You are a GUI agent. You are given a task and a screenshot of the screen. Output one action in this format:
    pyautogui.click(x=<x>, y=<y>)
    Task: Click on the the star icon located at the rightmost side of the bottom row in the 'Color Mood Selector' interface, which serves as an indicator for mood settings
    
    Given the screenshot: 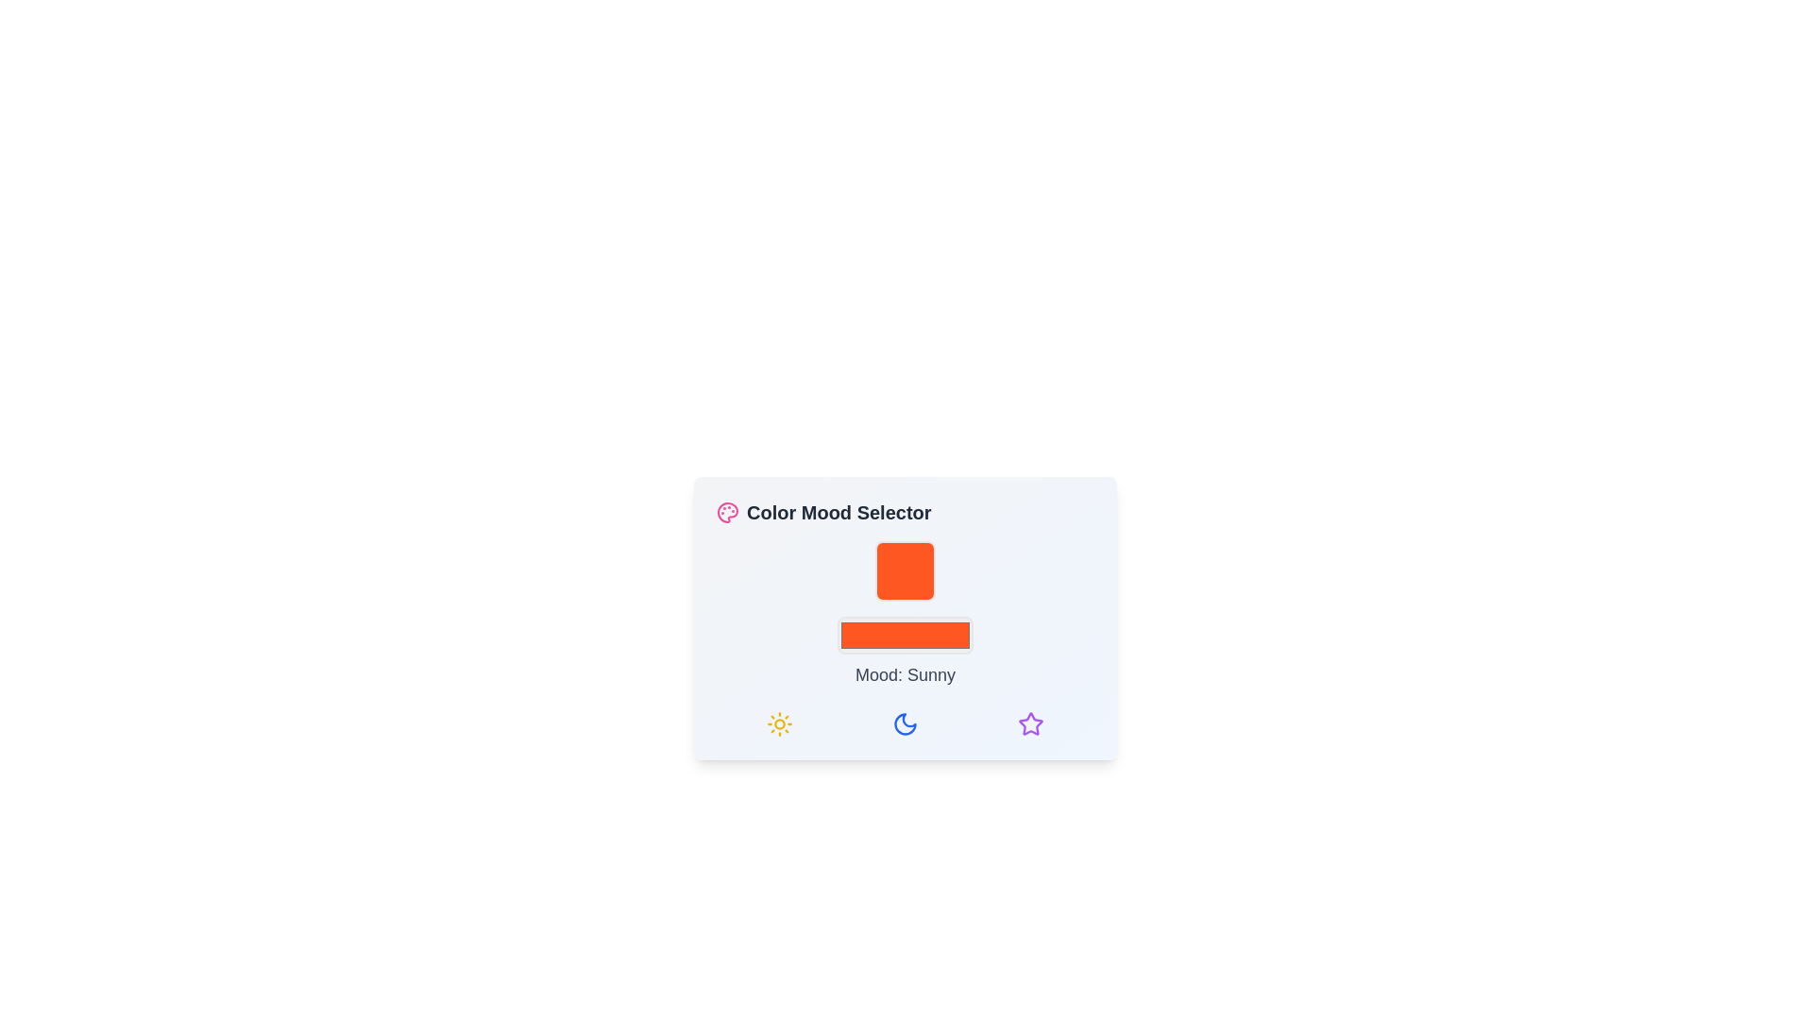 What is the action you would take?
    pyautogui.click(x=1030, y=722)
    